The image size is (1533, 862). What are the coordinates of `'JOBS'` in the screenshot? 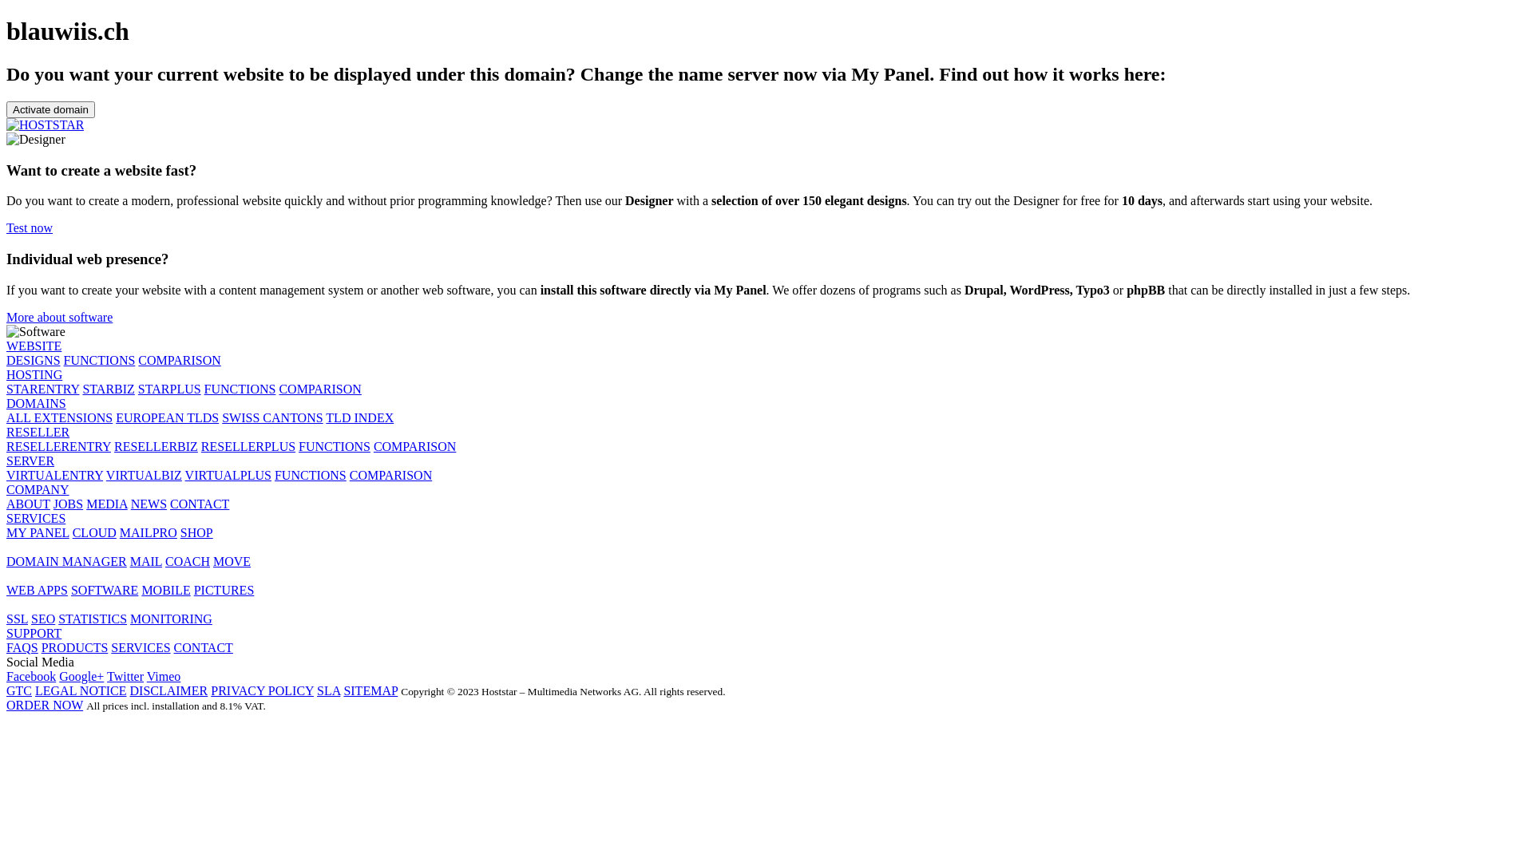 It's located at (67, 504).